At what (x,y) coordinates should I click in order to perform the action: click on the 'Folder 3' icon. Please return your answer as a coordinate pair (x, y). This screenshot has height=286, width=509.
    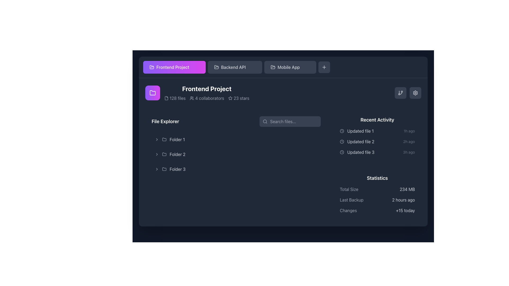
    Looking at the image, I should click on (164, 169).